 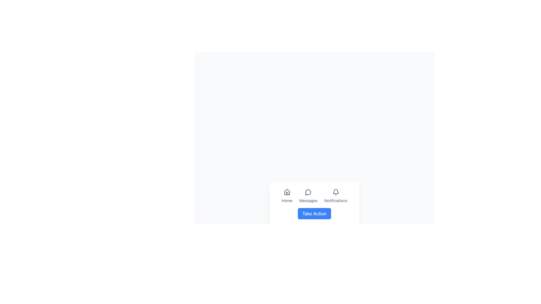 I want to click on the 'Home' SVG Icon located in the top navigation bar, so click(x=287, y=192).